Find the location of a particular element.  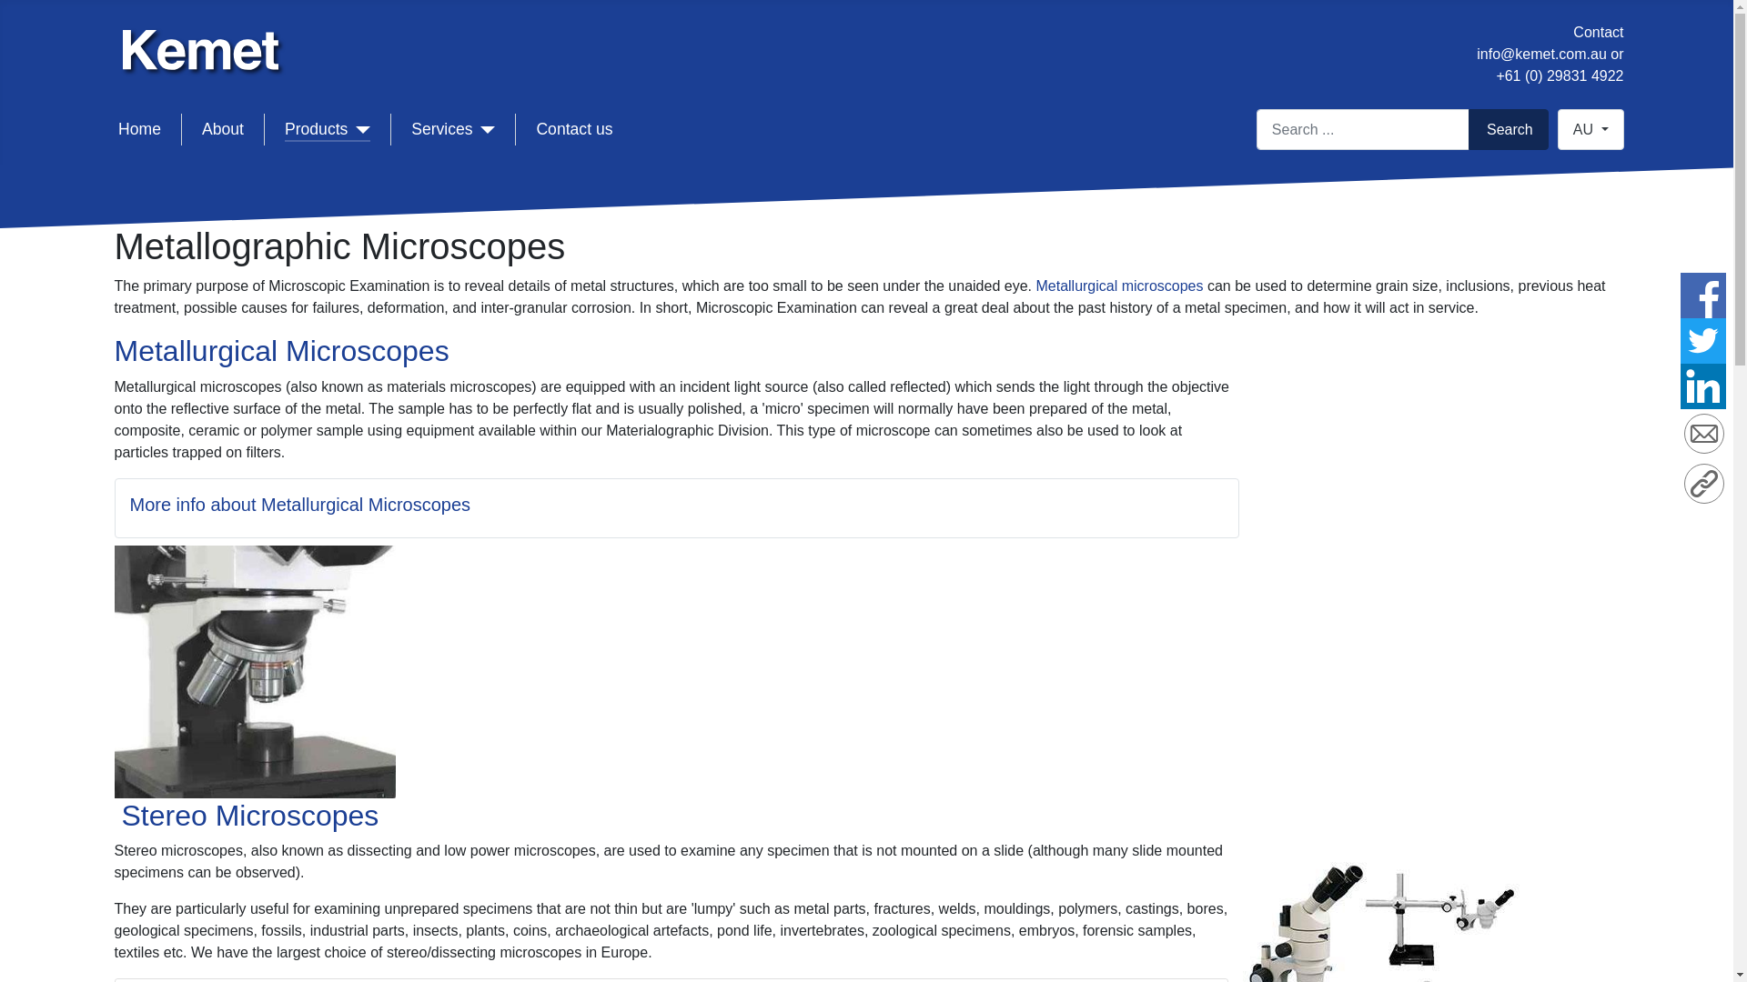

'Email' is located at coordinates (1702, 436).